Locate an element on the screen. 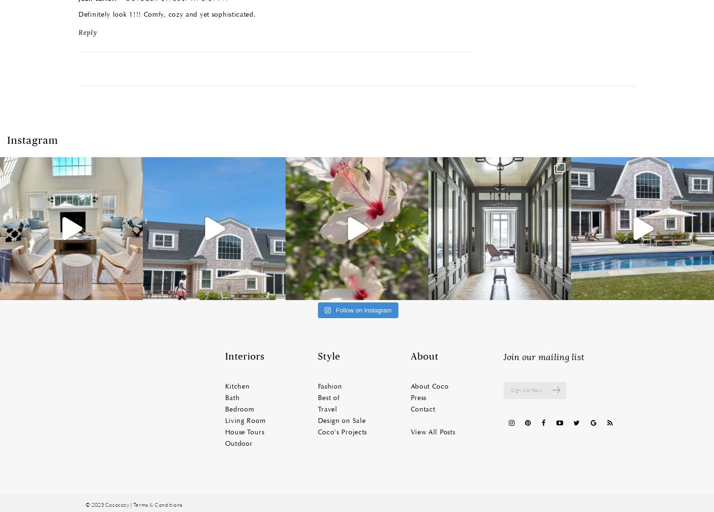 The width and height of the screenshot is (714, 512). 'Fashion' is located at coordinates (329, 386).